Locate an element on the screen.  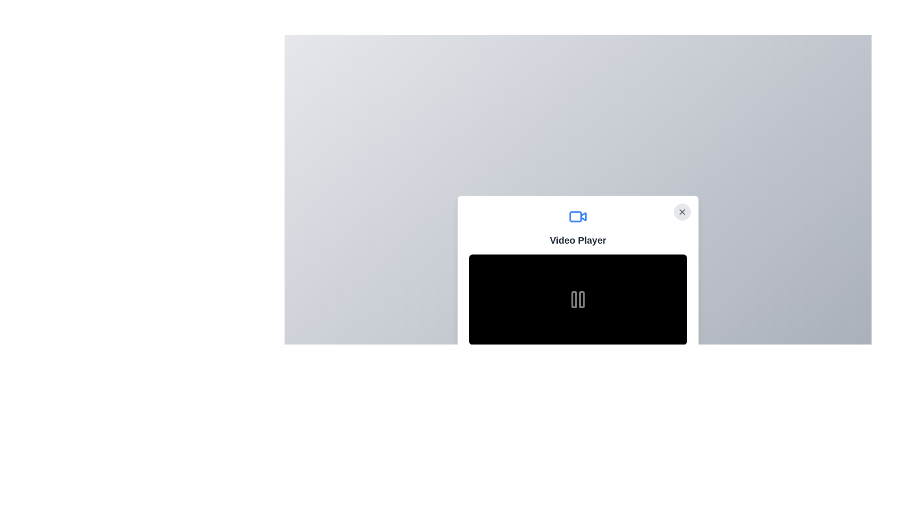
the second vertical bar from the right in the video player's control panel is located at coordinates (581, 300).